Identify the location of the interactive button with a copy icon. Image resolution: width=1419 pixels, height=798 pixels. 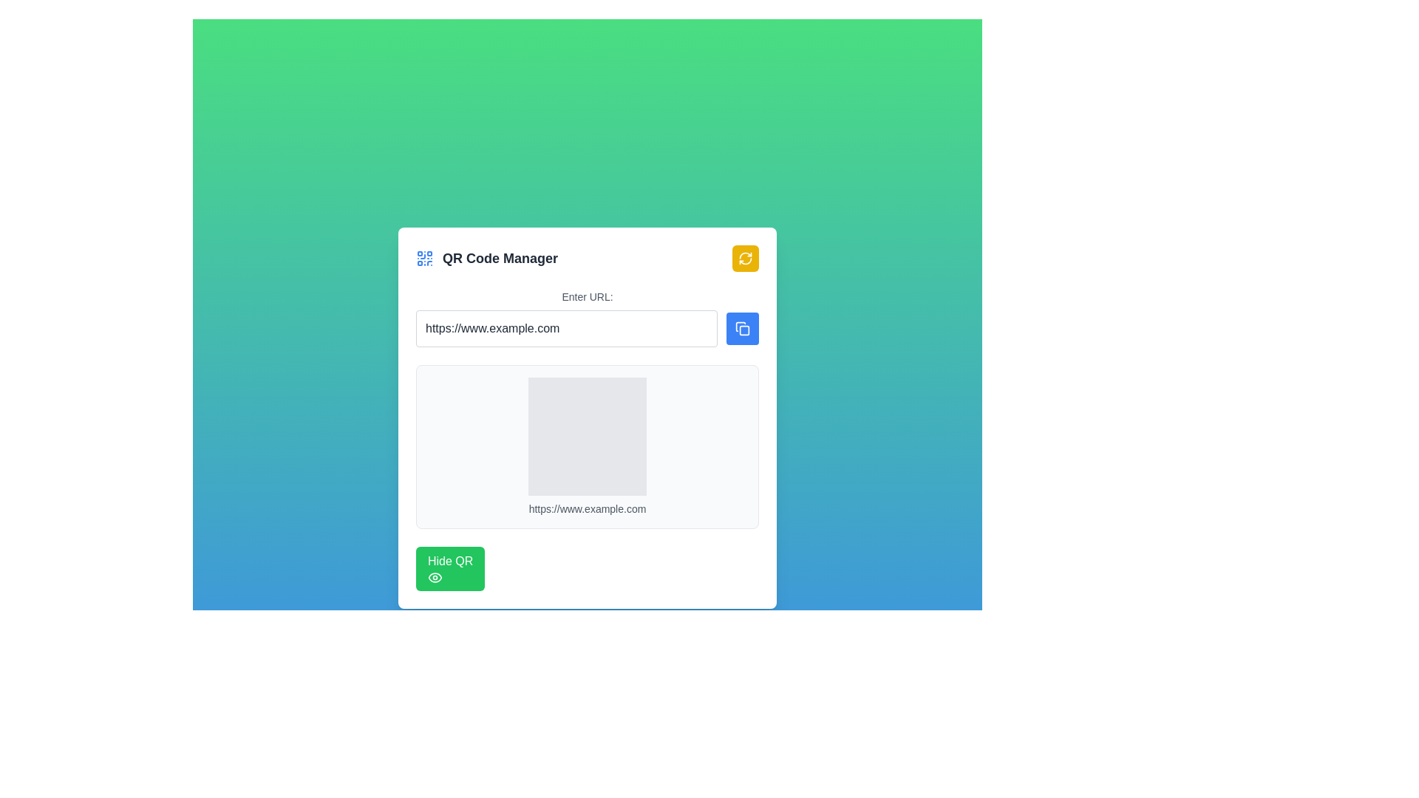
(742, 327).